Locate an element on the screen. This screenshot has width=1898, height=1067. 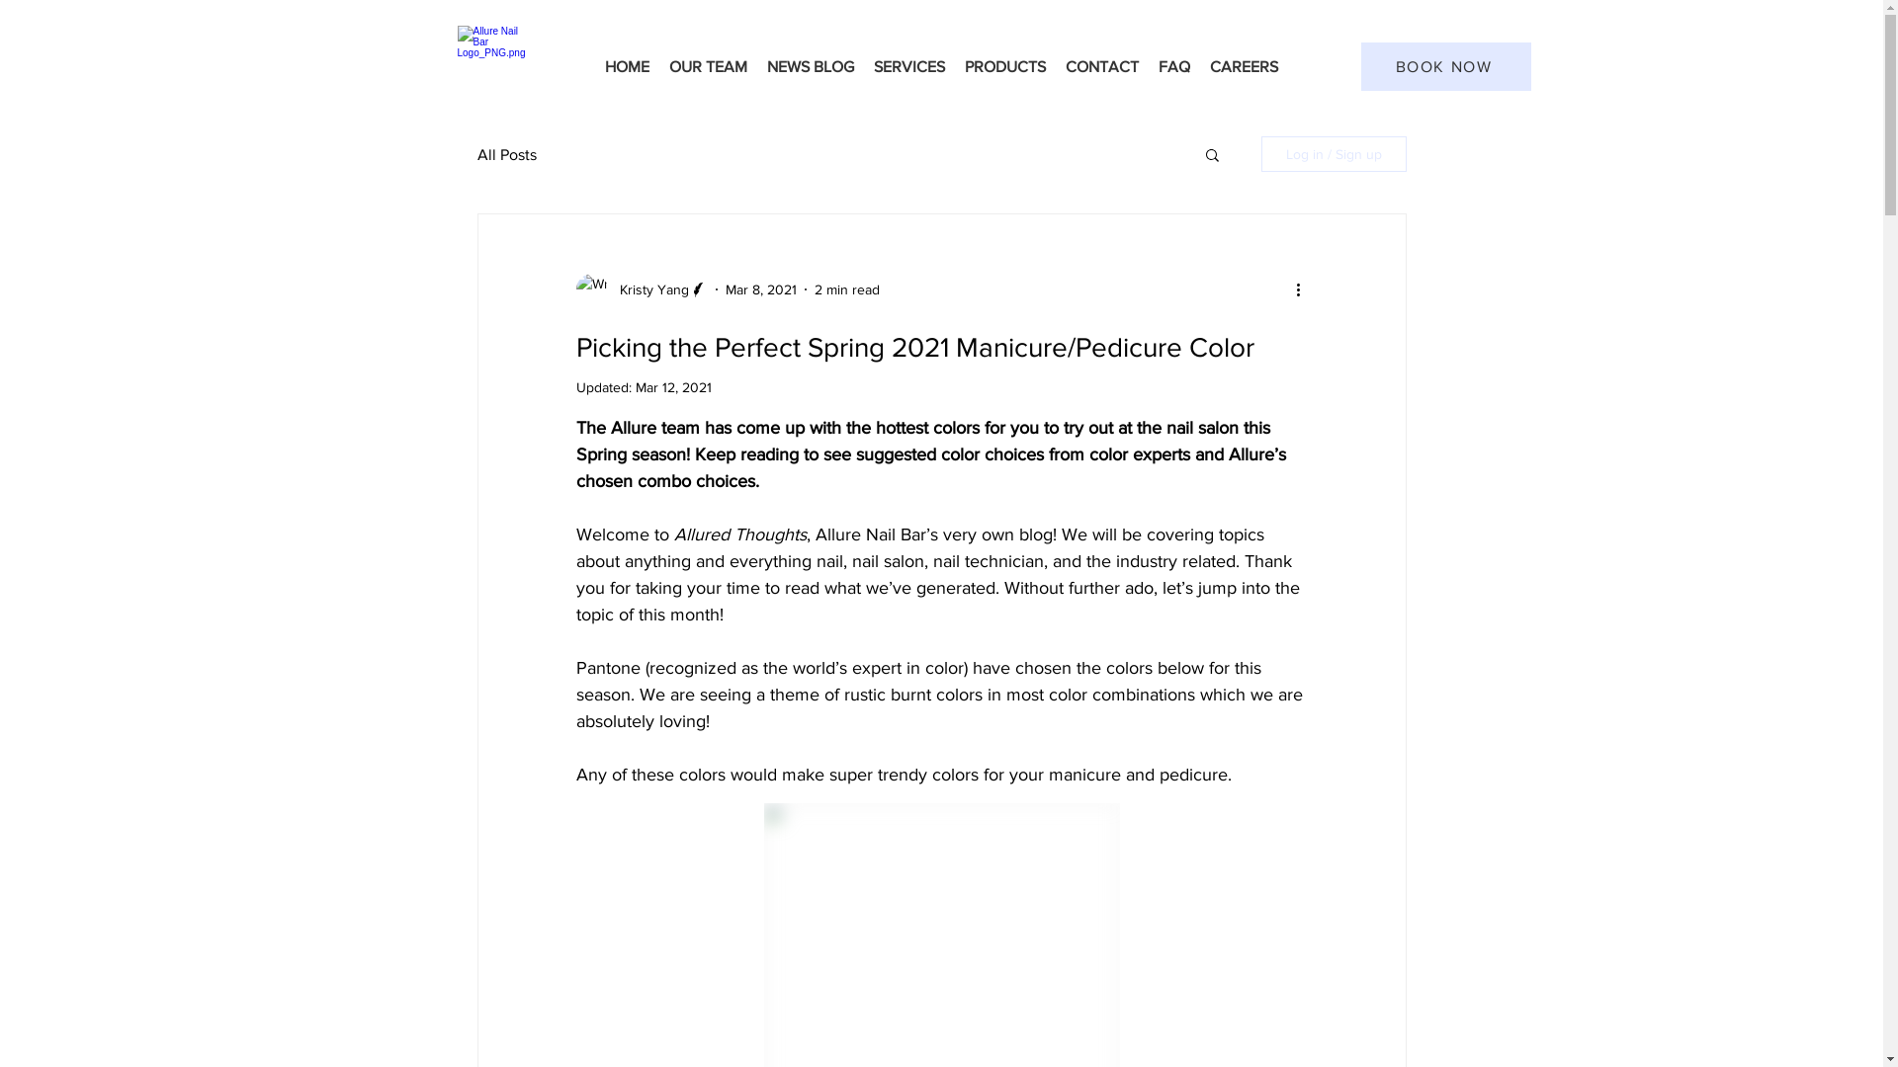
'CONTACT' is located at coordinates (1100, 65).